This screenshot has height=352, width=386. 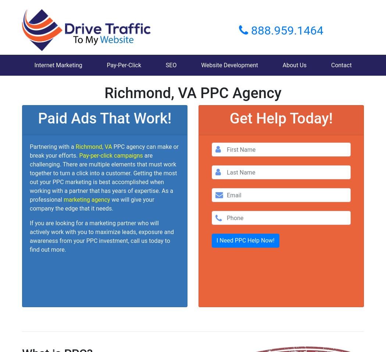 I want to click on 'PPC agency can make or break your efforts.', so click(x=103, y=151).